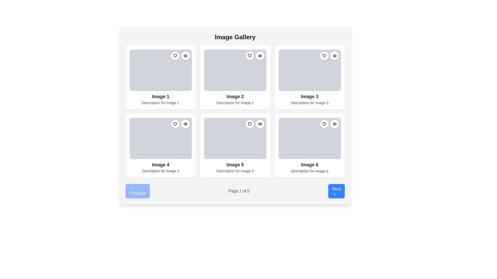 This screenshot has width=497, height=279. Describe the element at coordinates (250, 56) in the screenshot. I see `the 'like' button located at the top-right corner of the second image in the second row of the gallery` at that location.